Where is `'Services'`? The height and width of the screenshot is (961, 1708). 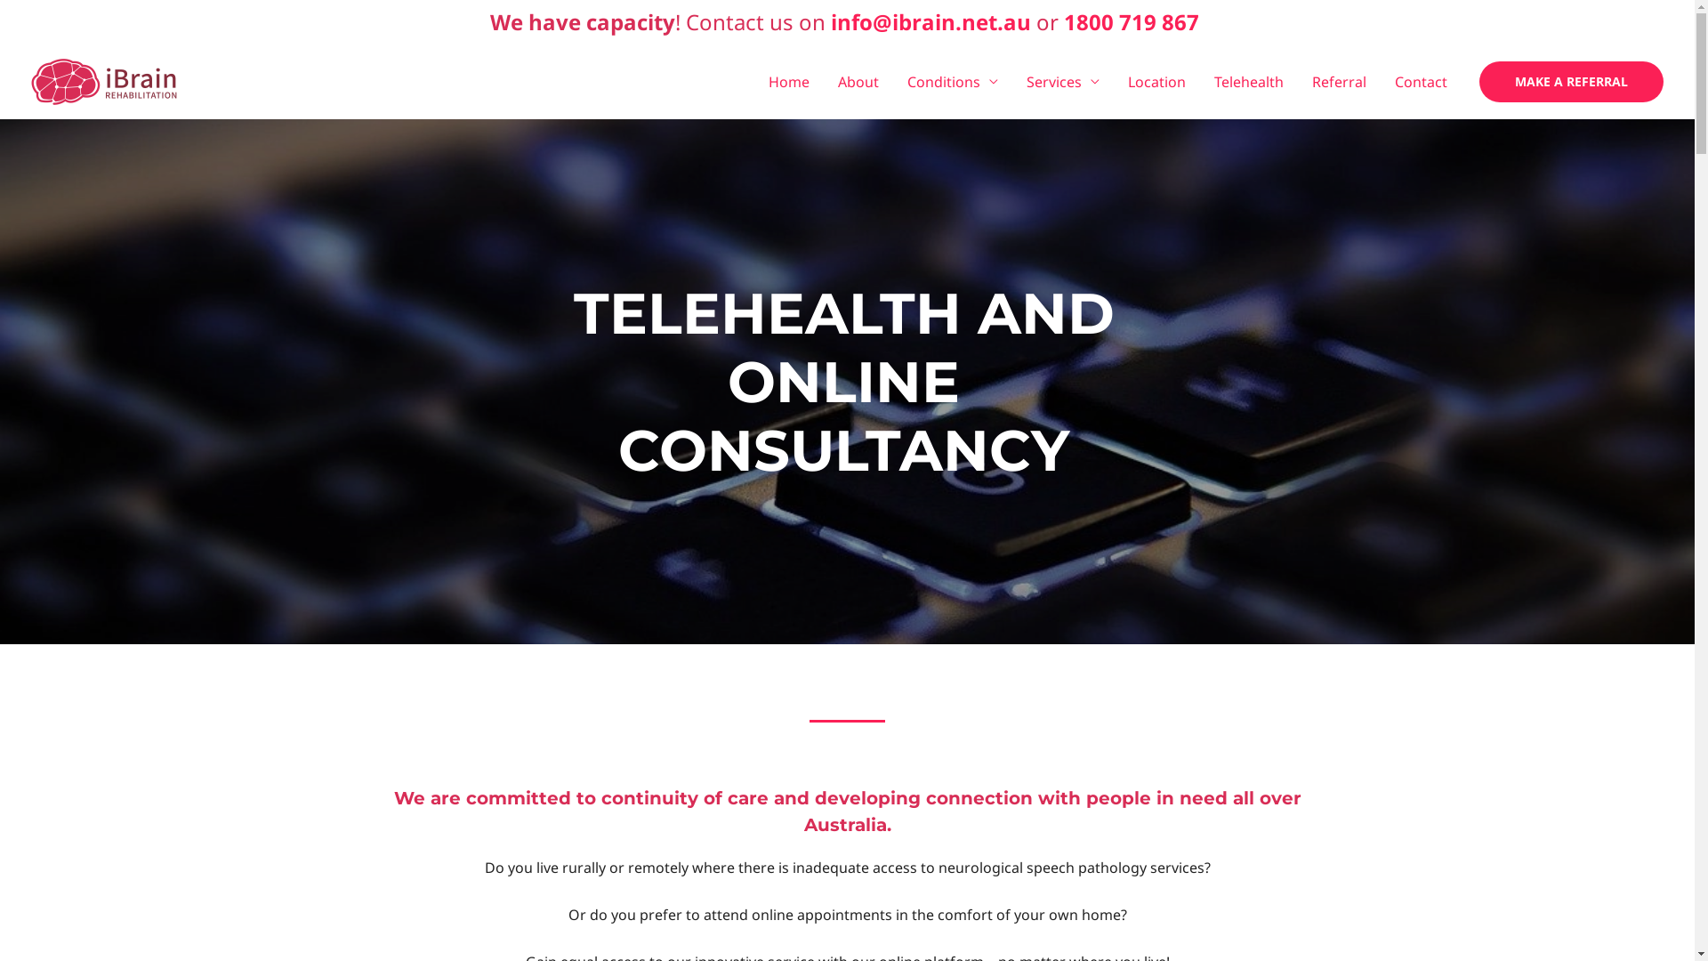 'Services' is located at coordinates (1063, 82).